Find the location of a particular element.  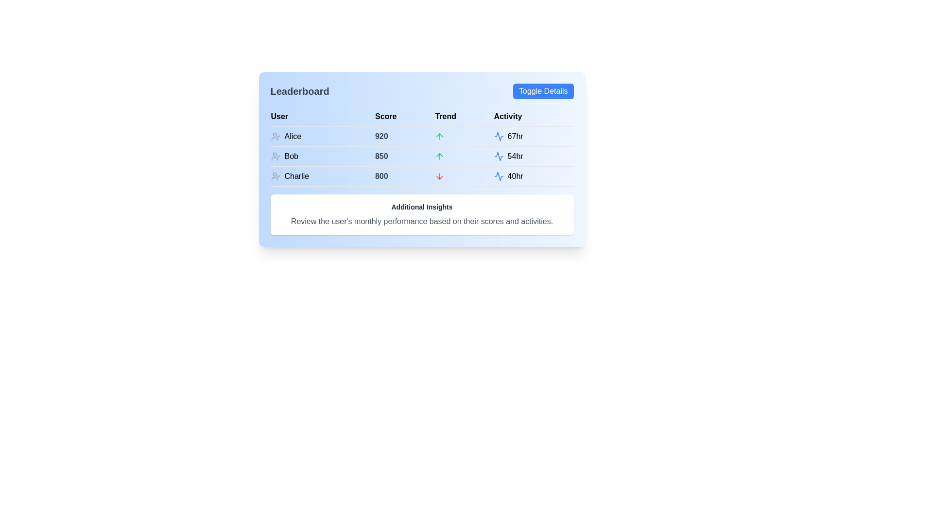

the blue zigzag icon located in the 'Activity' column next to the '850' score row is located at coordinates (499, 176).